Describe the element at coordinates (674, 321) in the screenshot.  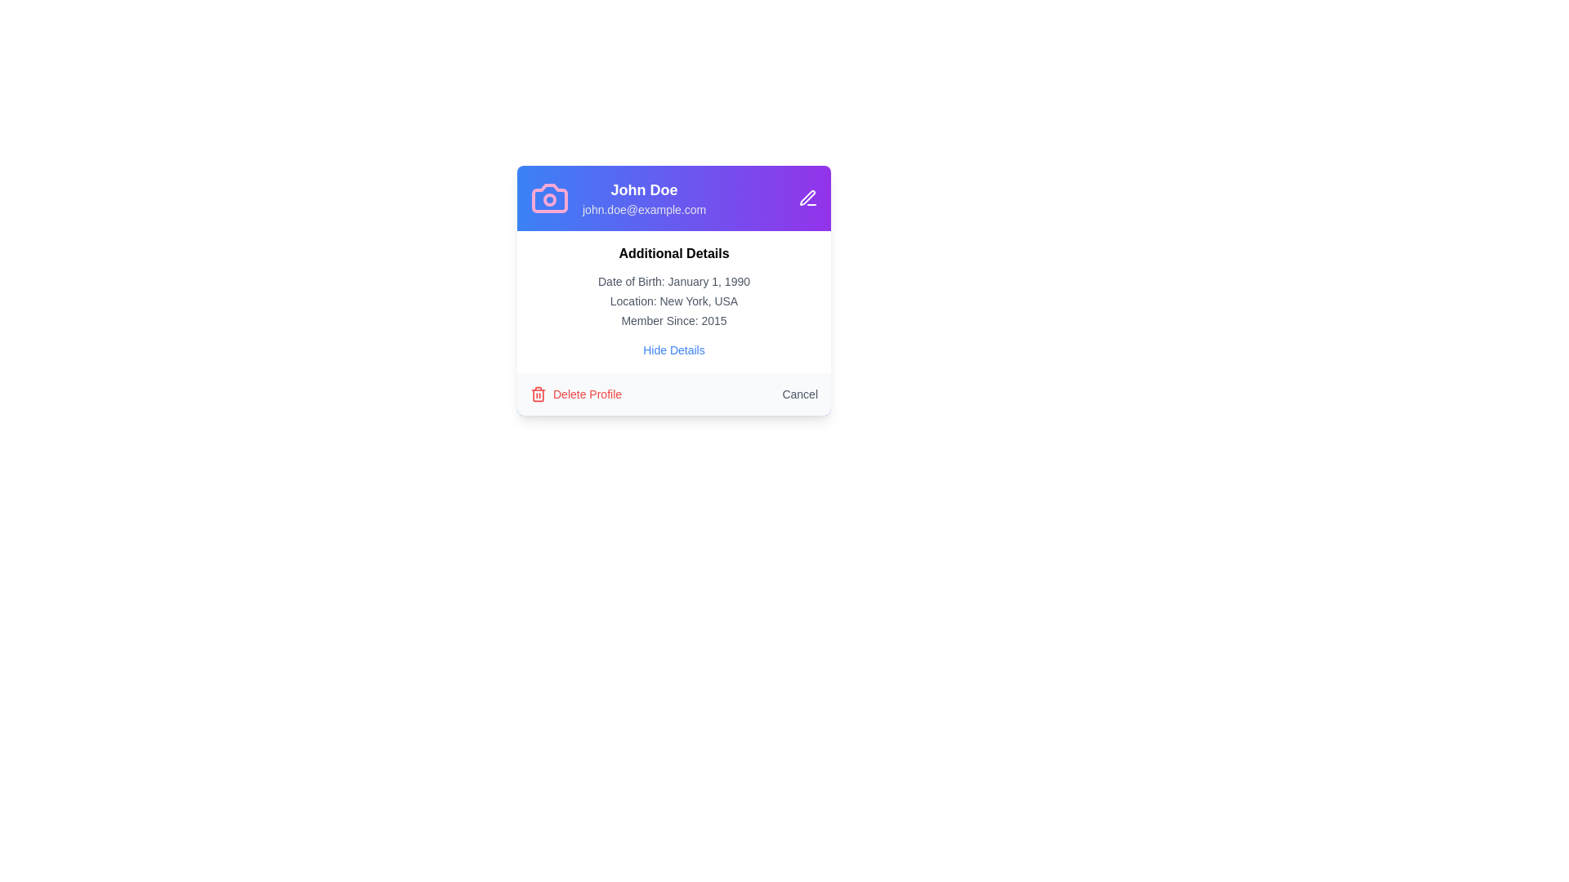
I see `the text label displaying 'Member Since: 2015' in a gray font, located in the 'Additional Details' section of the modal dialog box` at that location.